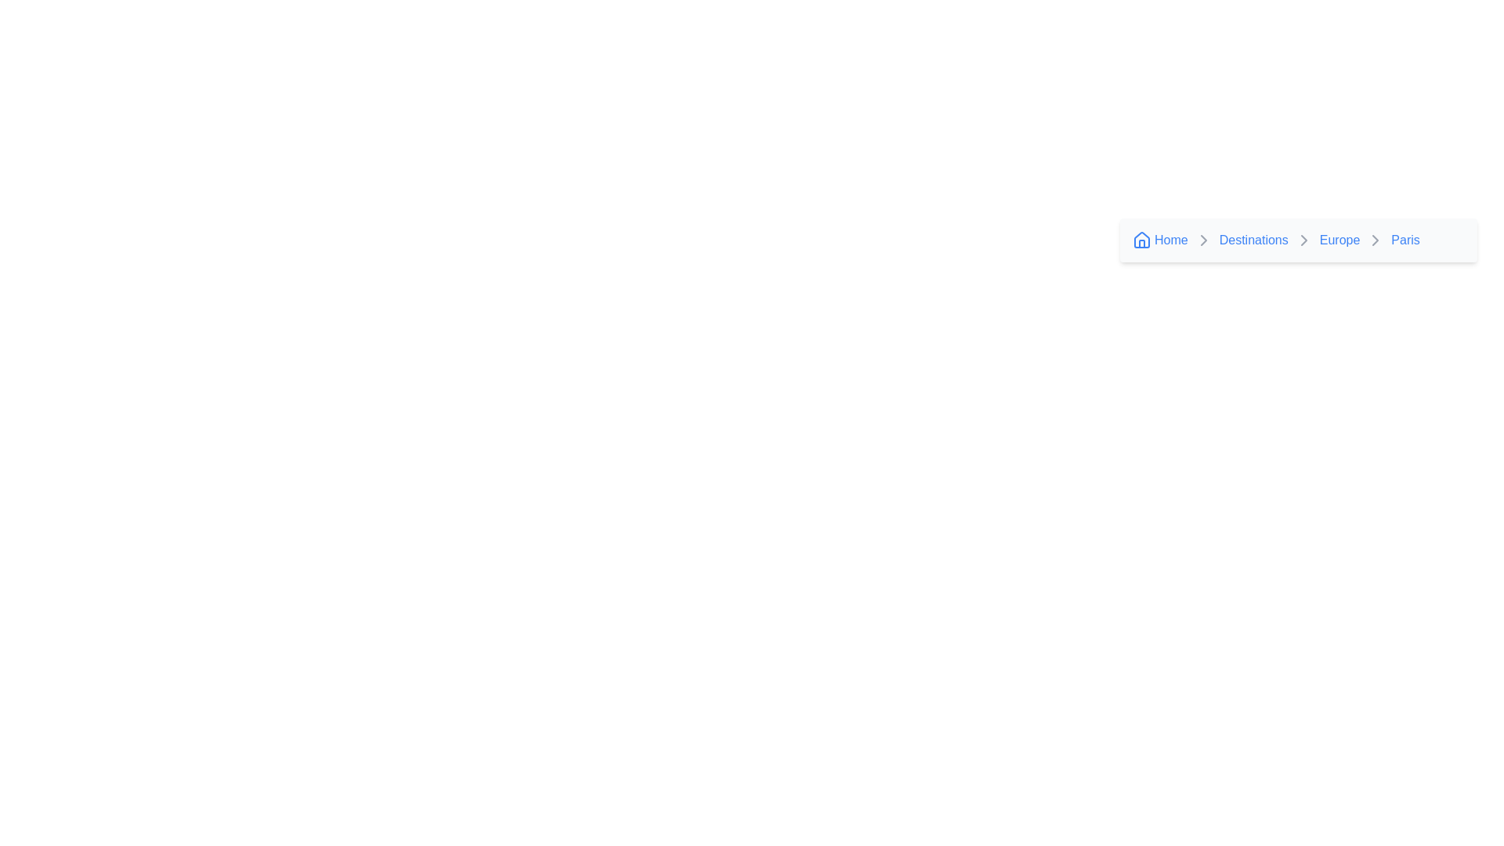 The height and width of the screenshot is (846, 1504). Describe the element at coordinates (1354, 240) in the screenshot. I see `the 'Europe' breadcrumb navigation link` at that location.